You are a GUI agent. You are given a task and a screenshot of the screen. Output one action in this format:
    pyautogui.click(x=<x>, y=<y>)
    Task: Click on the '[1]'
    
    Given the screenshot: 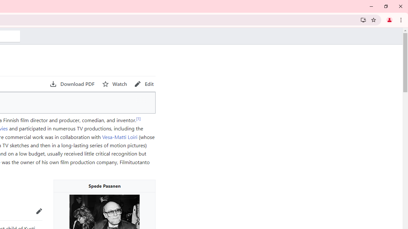 What is the action you would take?
    pyautogui.click(x=138, y=118)
    